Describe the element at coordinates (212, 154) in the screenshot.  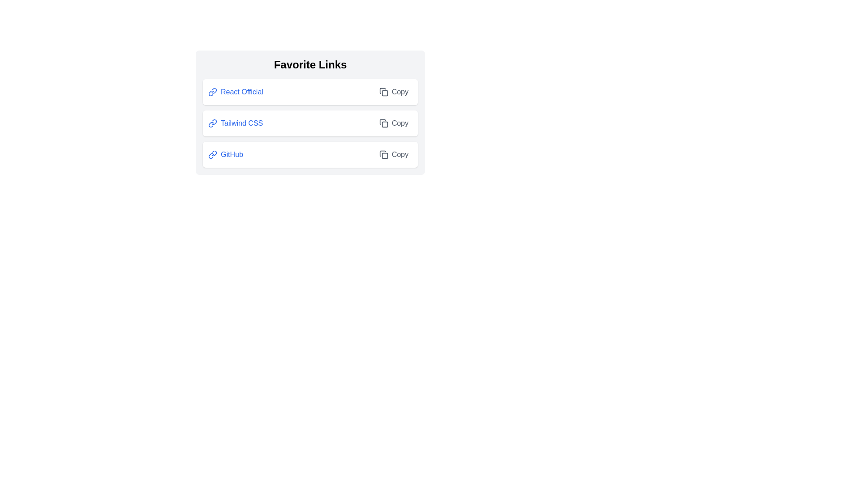
I see `the GitHub icon located to the left of the 'GitHub' text in the third row of the 'Favorite Links' list` at that location.